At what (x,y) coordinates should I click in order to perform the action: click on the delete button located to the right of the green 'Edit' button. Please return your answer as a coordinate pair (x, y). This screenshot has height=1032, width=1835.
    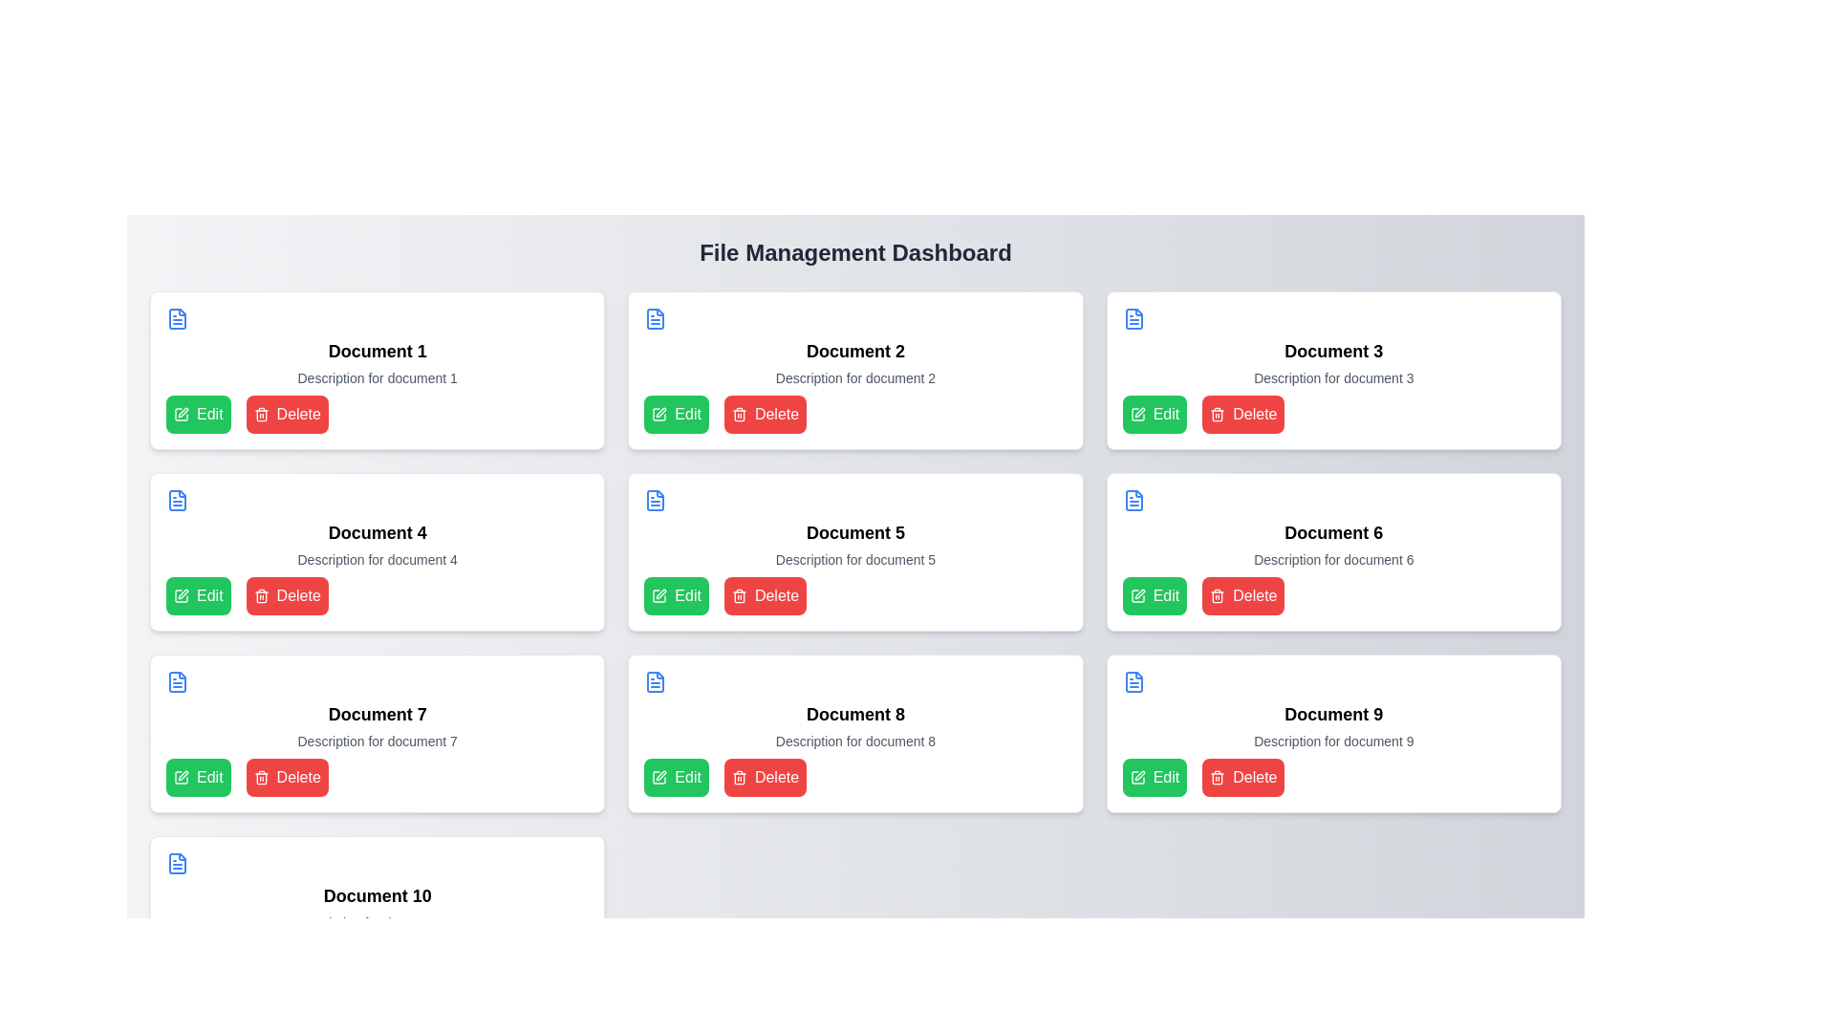
    Looking at the image, I should click on (766, 777).